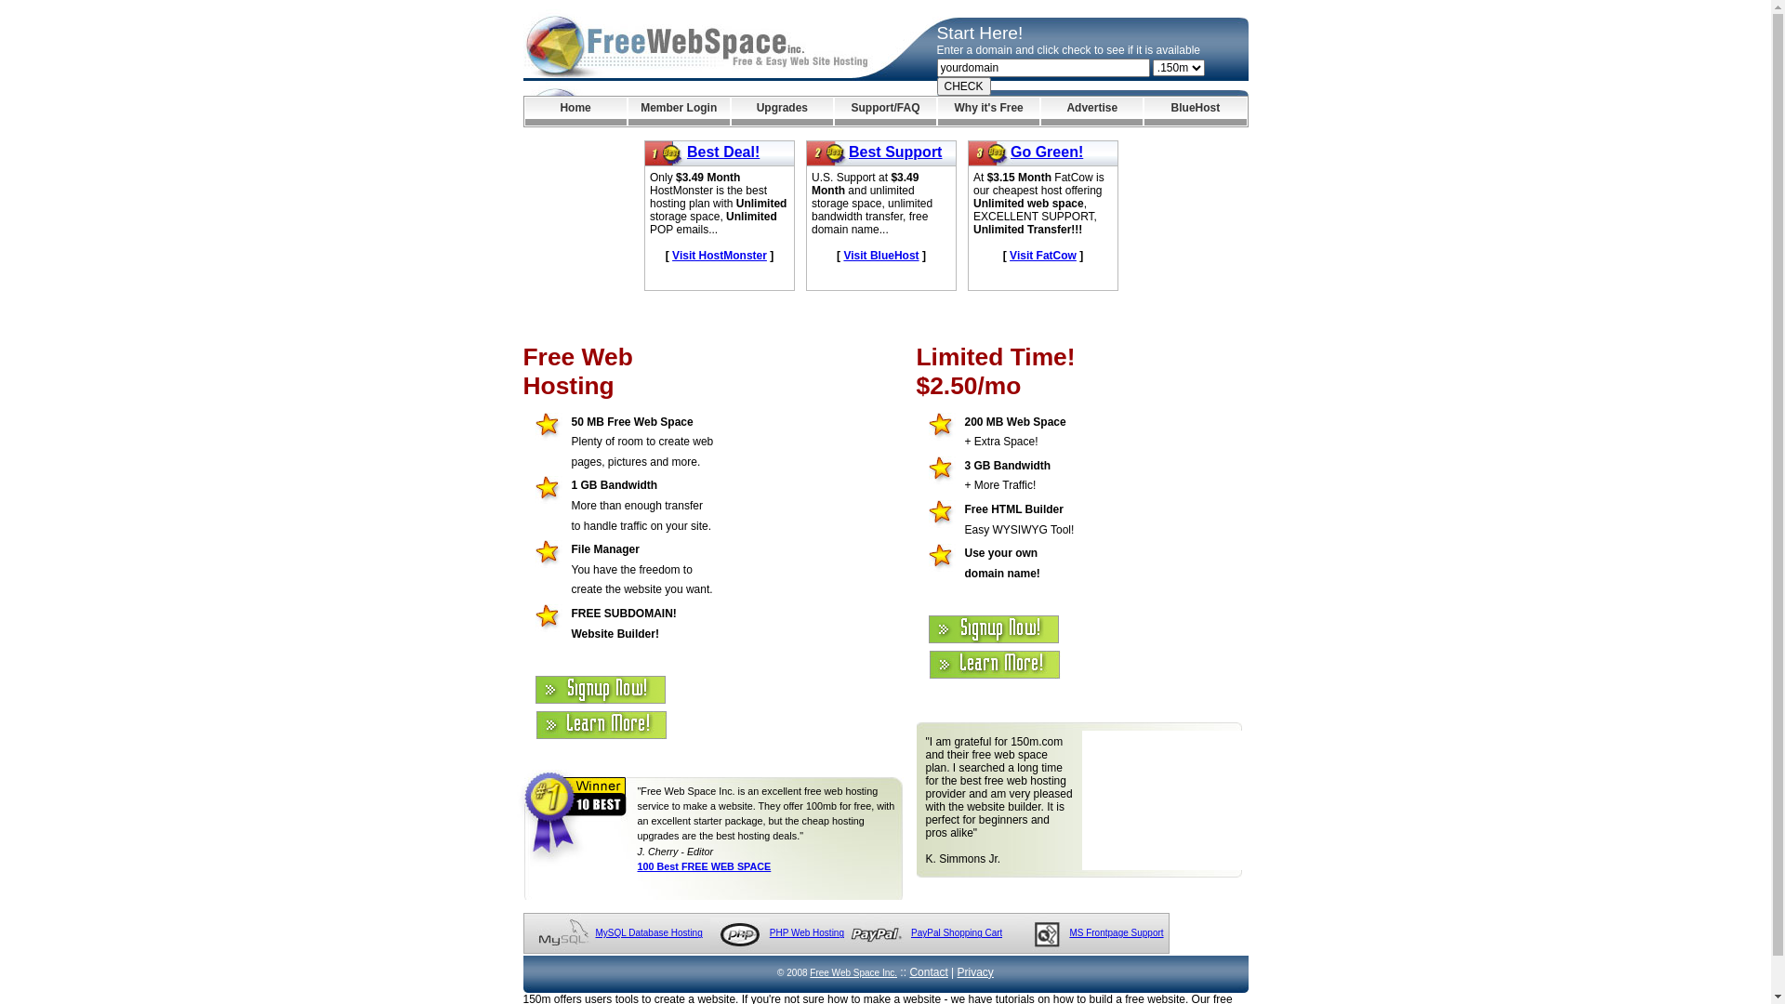 The height and width of the screenshot is (1004, 1785). Describe the element at coordinates (628, 111) in the screenshot. I see `'Member Login'` at that location.